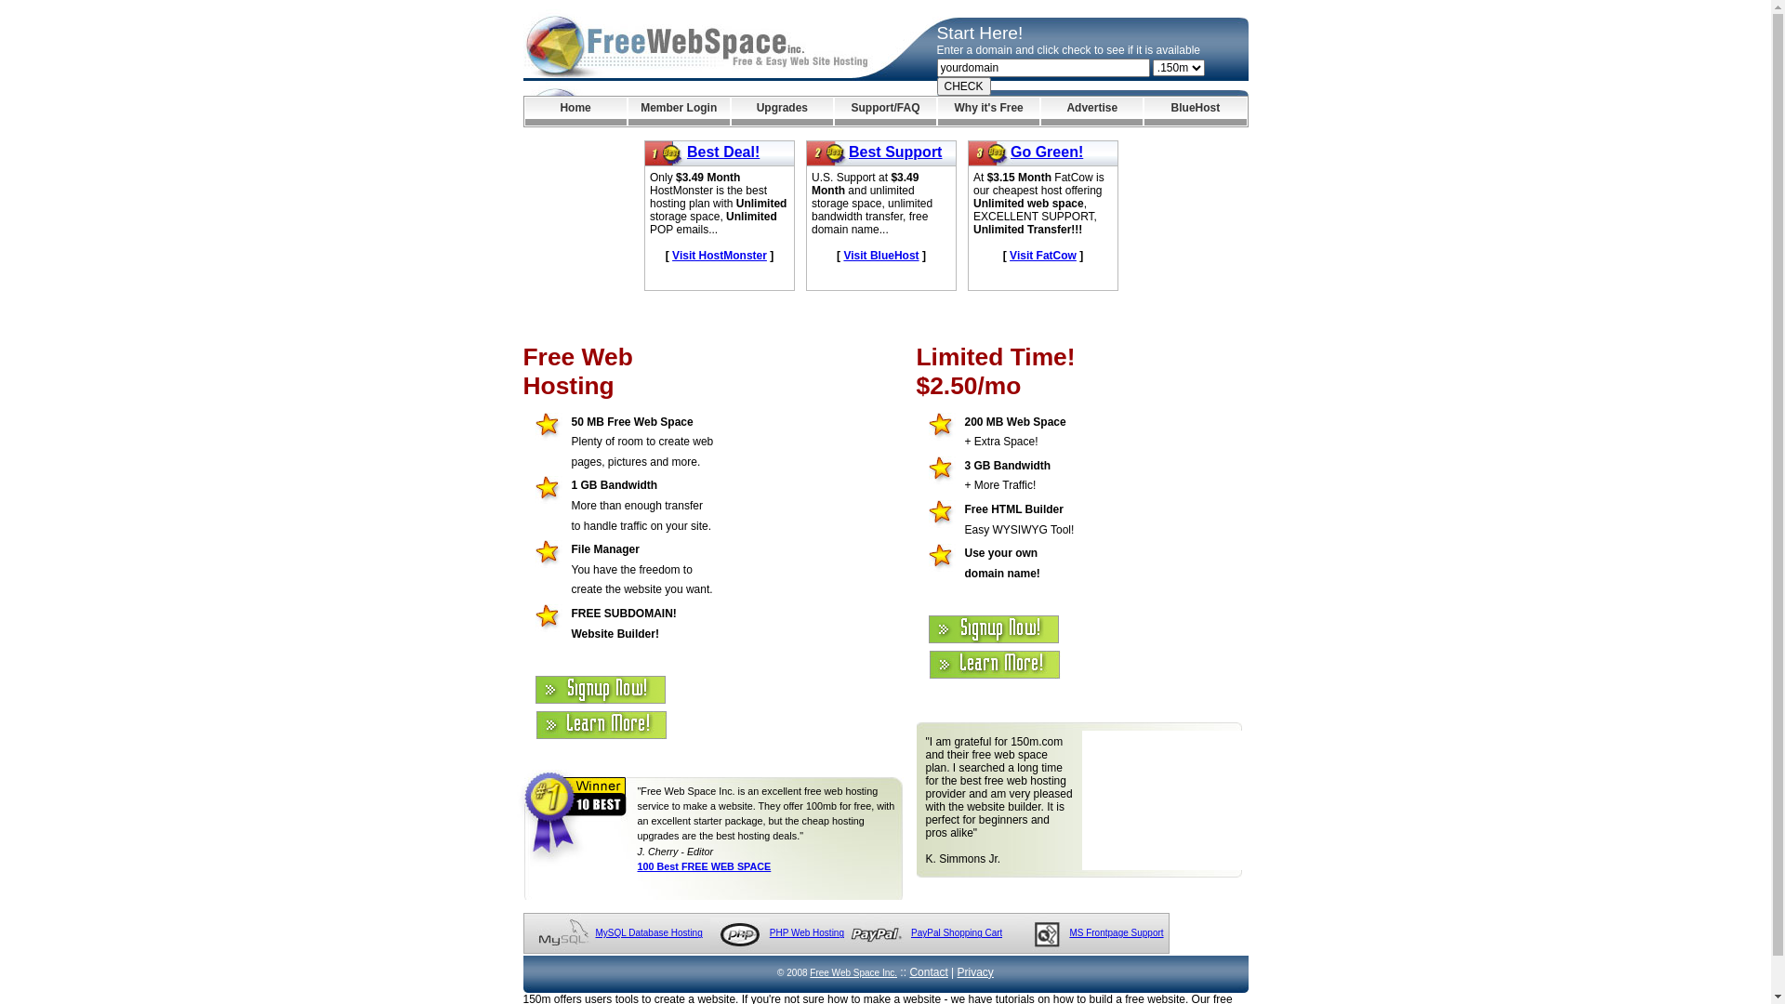 The height and width of the screenshot is (1004, 1785). Describe the element at coordinates (628, 111) in the screenshot. I see `'Member Login'` at that location.